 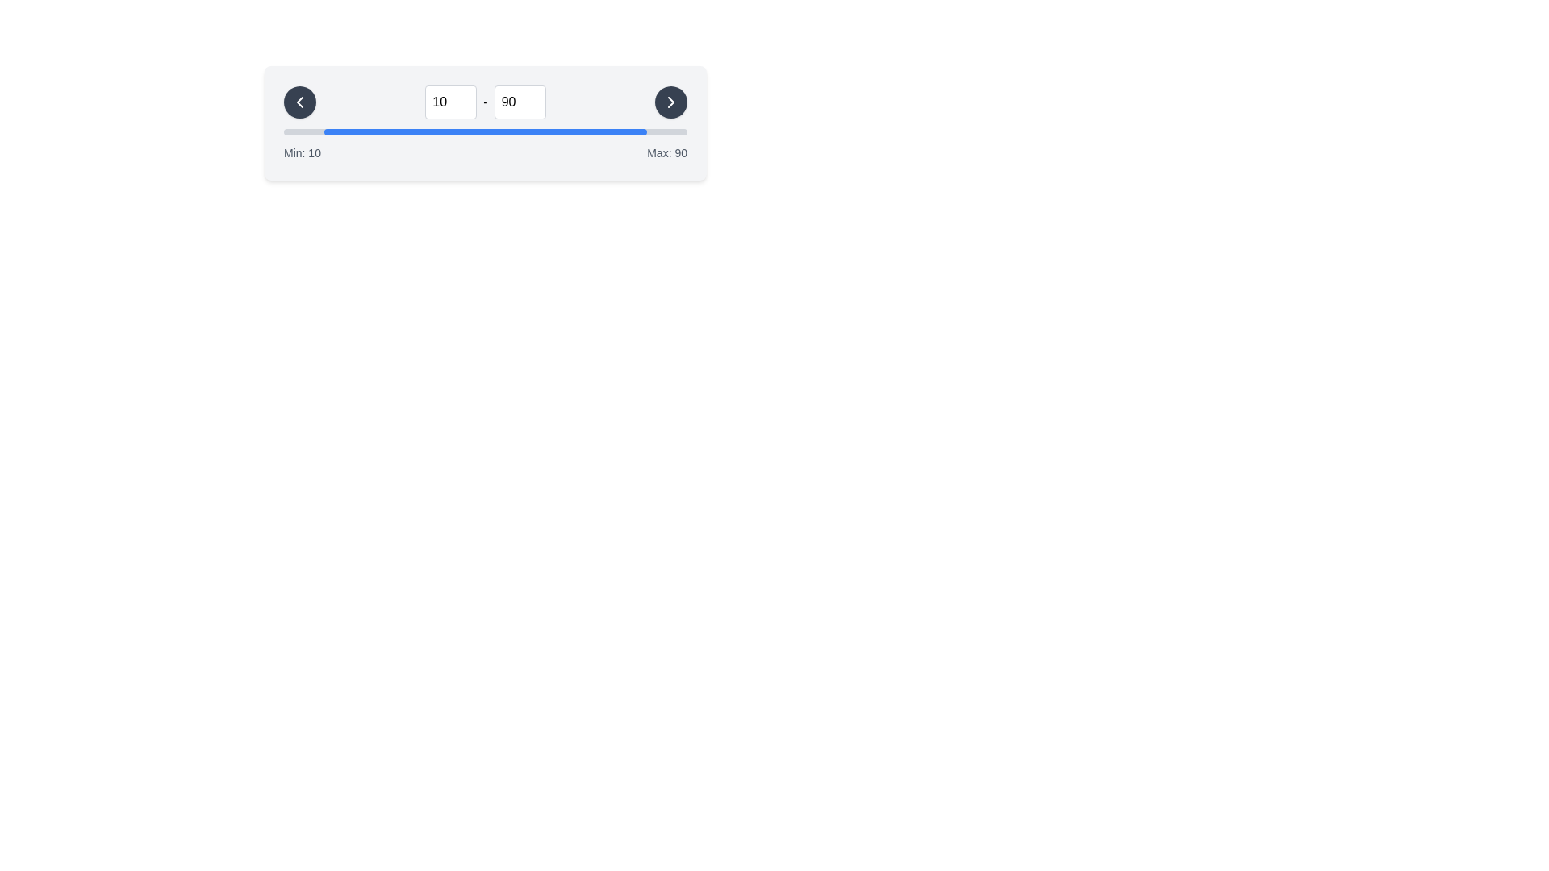 I want to click on the numerical input box displaying '10' to focus and edit the number, so click(x=451, y=102).